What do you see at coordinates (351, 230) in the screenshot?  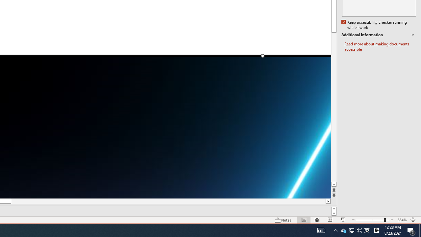 I see `'Notification Chevron'` at bounding box center [351, 230].